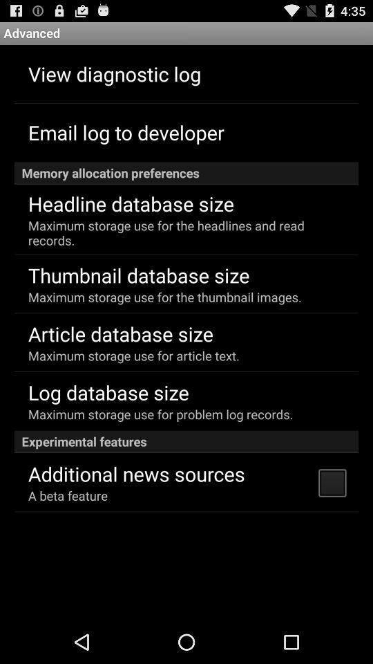  What do you see at coordinates (331, 482) in the screenshot?
I see `the app below the experimental features` at bounding box center [331, 482].